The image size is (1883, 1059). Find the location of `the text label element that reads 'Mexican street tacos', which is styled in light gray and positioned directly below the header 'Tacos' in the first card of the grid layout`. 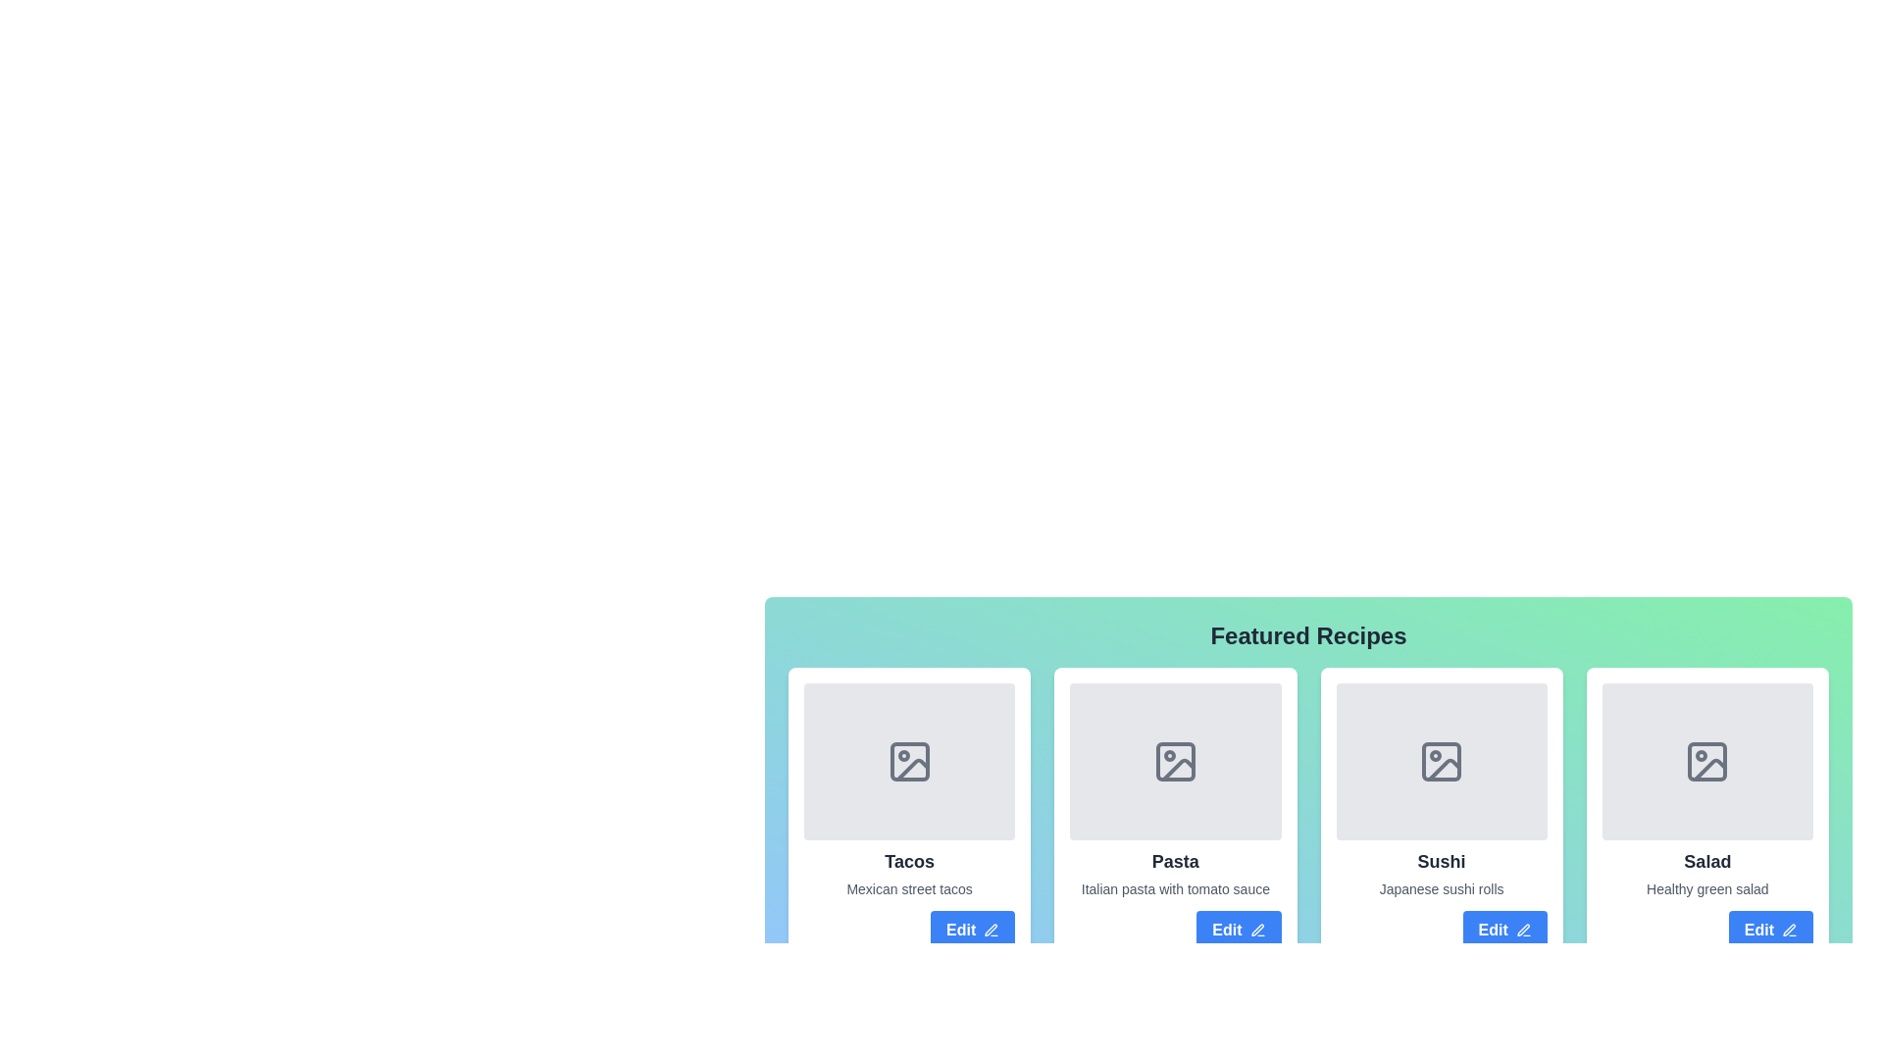

the text label element that reads 'Mexican street tacos', which is styled in light gray and positioned directly below the header 'Tacos' in the first card of the grid layout is located at coordinates (908, 888).